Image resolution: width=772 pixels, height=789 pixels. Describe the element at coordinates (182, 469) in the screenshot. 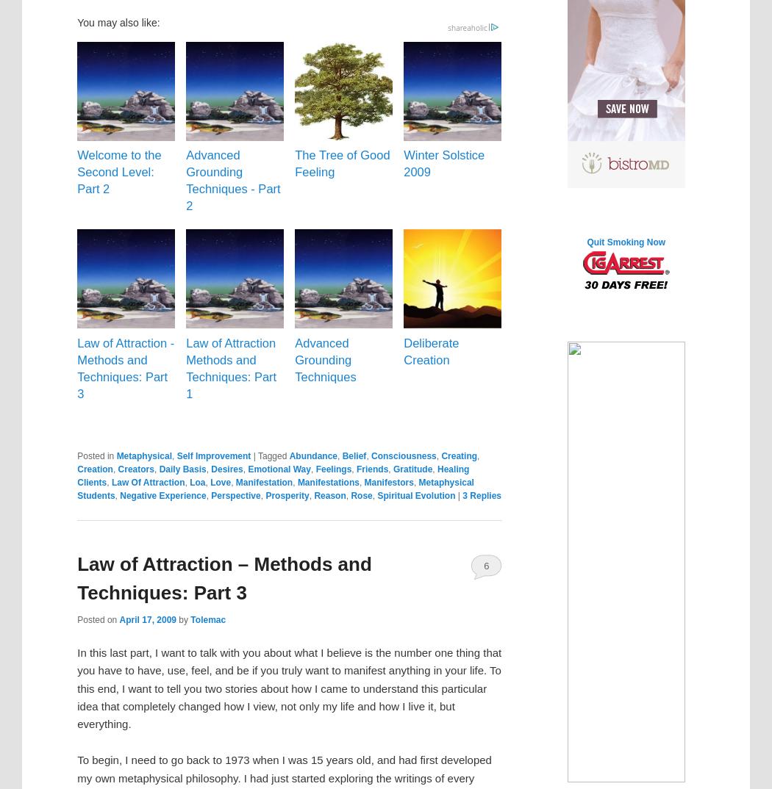

I see `'Daily Basis'` at that location.